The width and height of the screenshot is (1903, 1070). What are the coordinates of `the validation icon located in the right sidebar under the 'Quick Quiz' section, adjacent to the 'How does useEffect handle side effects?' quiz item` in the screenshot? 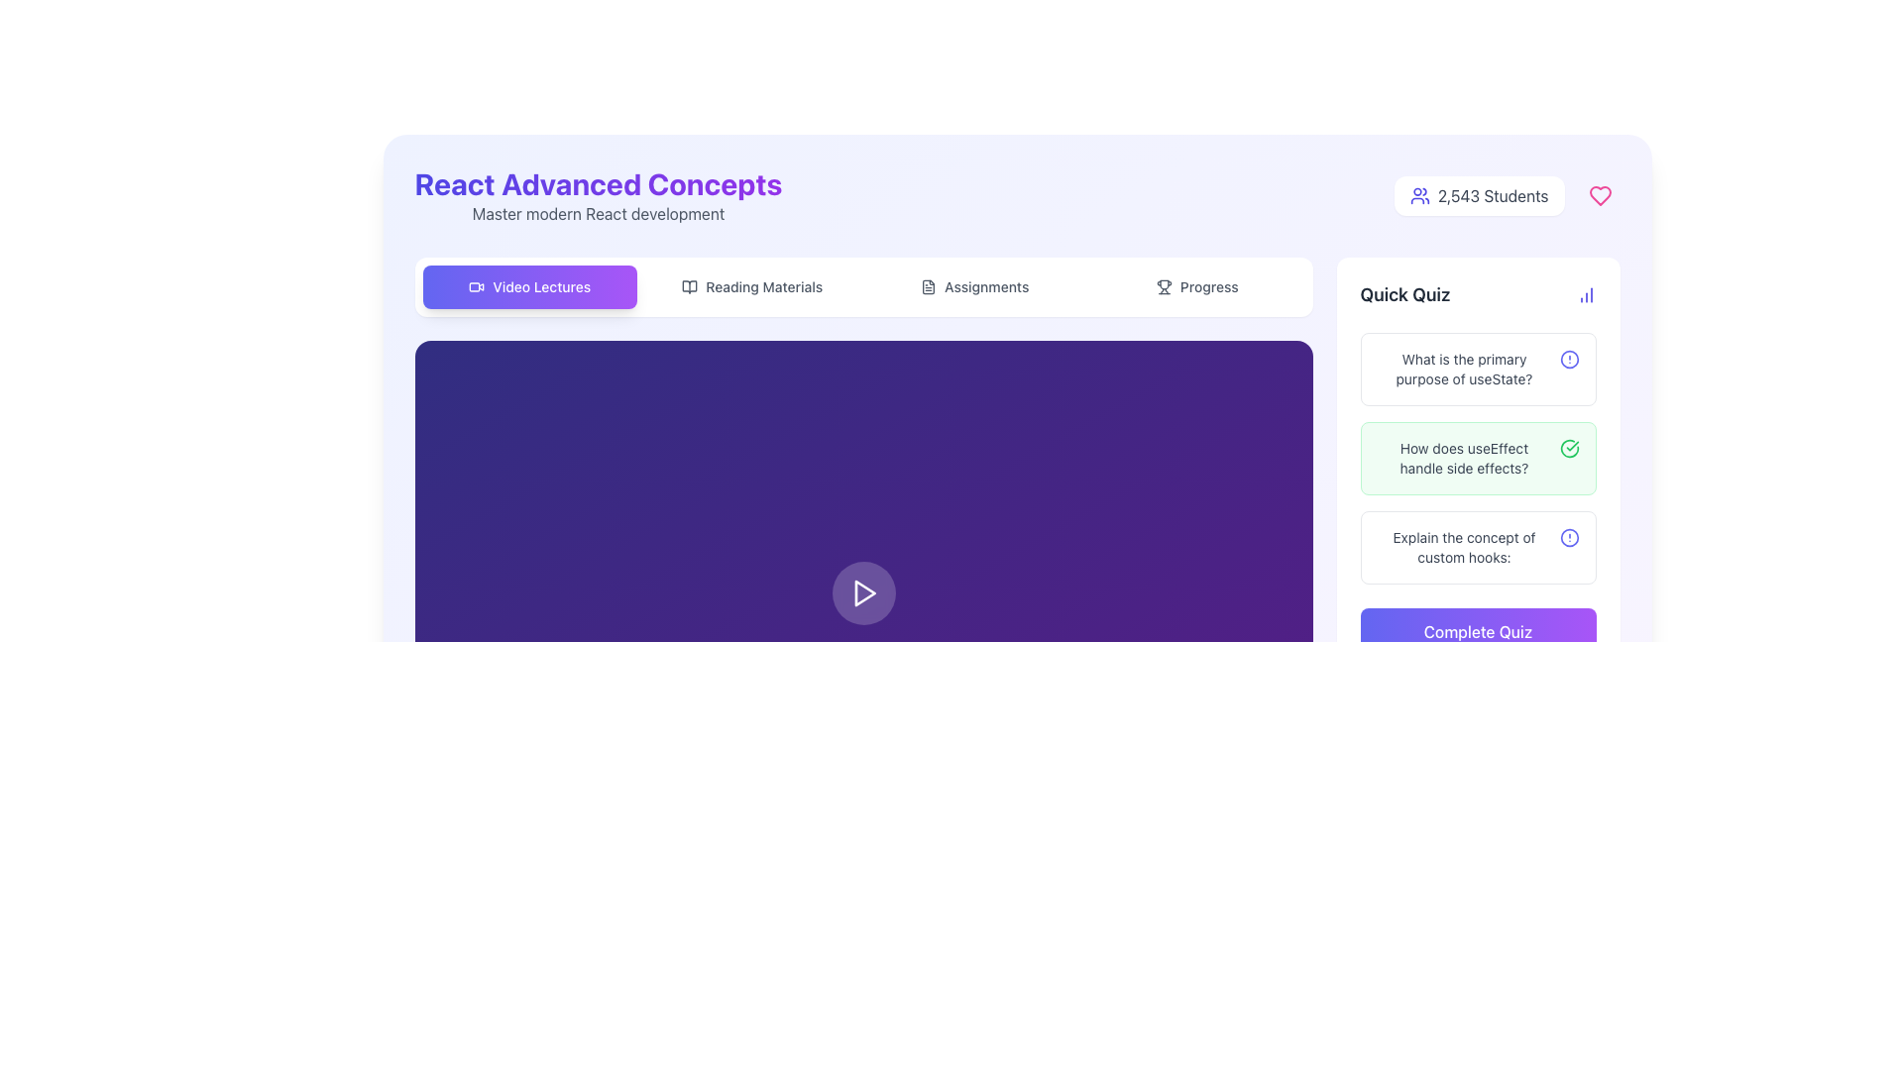 It's located at (1568, 448).